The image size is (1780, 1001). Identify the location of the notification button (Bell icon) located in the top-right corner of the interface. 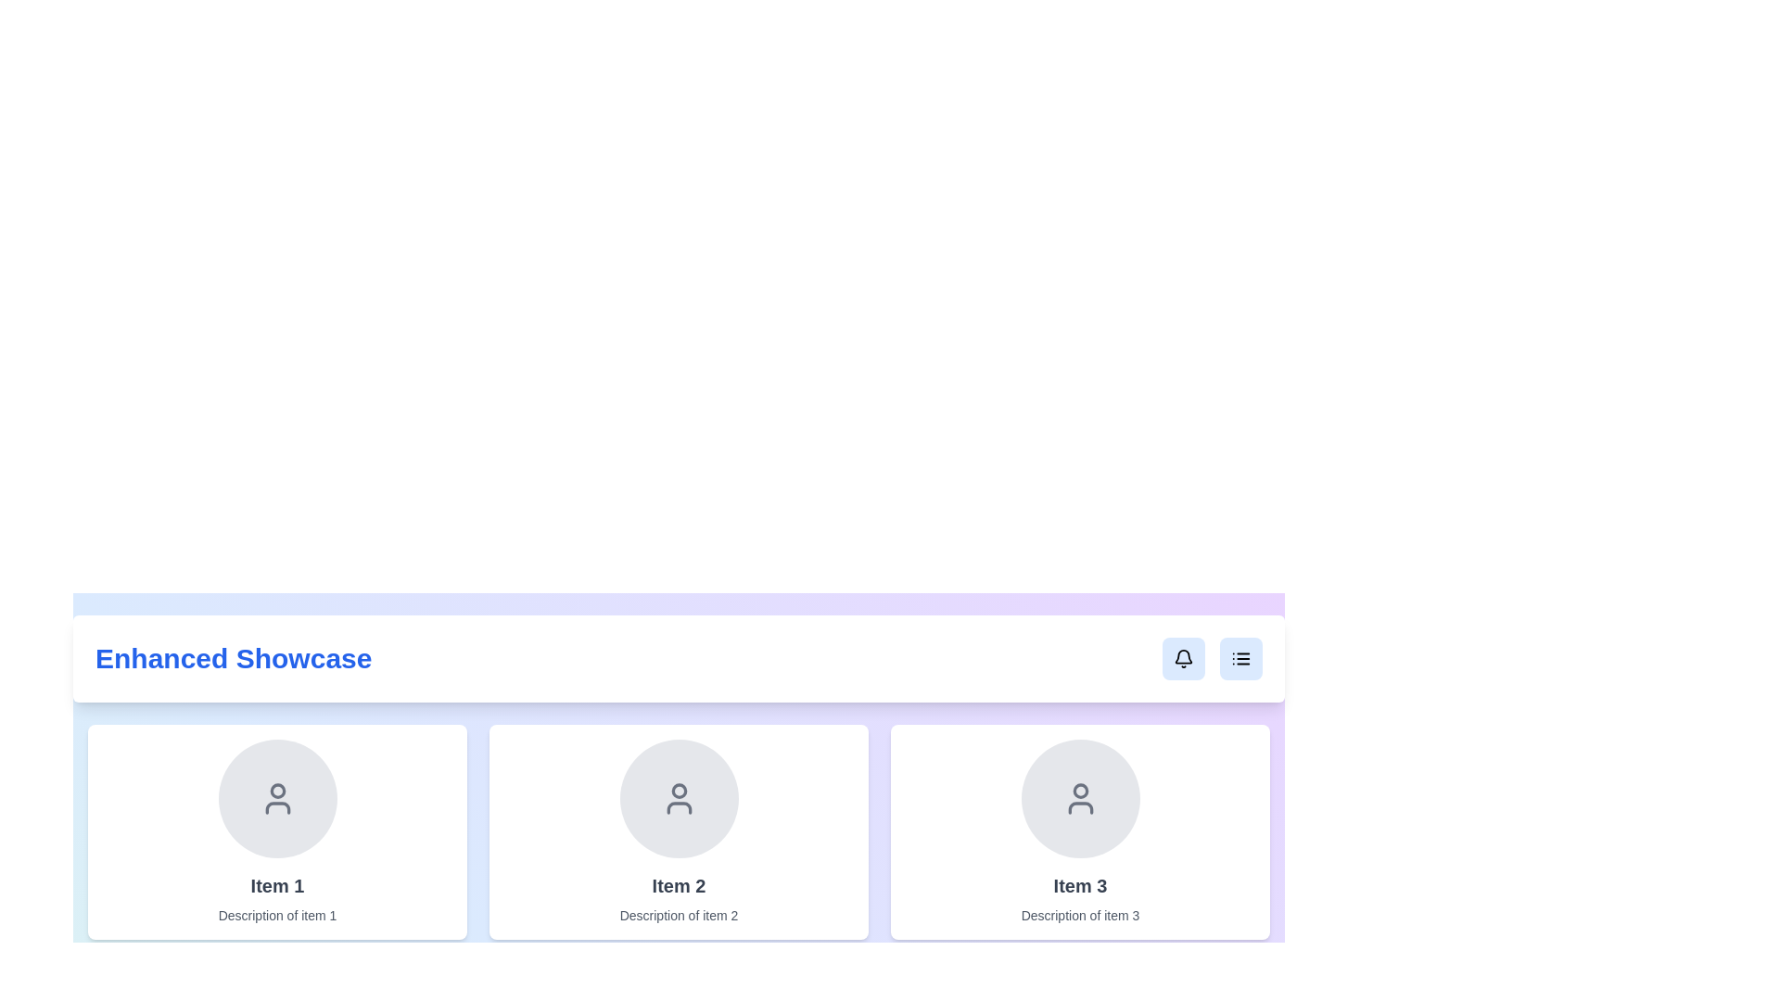
(1182, 657).